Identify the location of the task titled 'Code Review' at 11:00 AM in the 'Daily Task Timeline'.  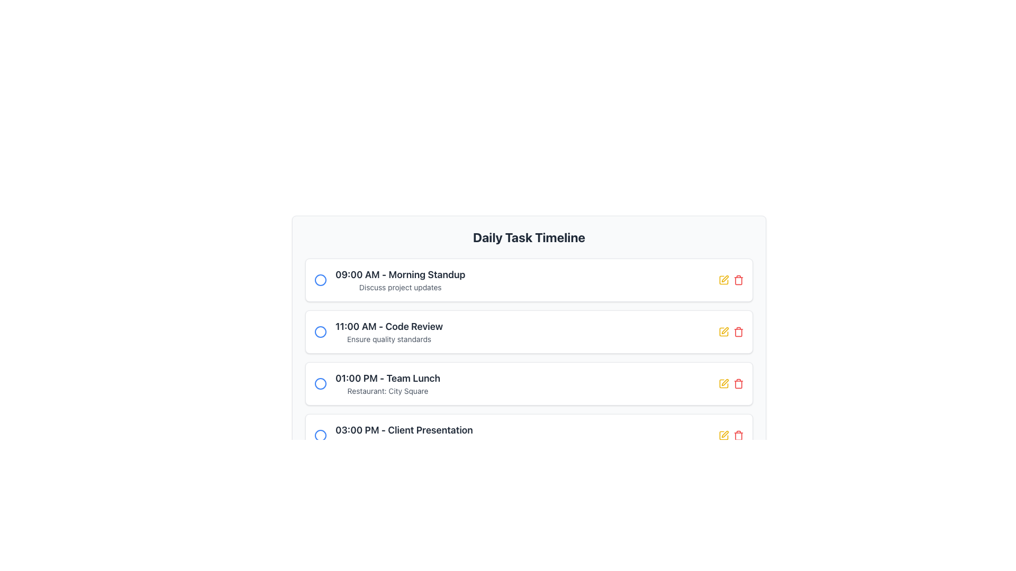
(388, 331).